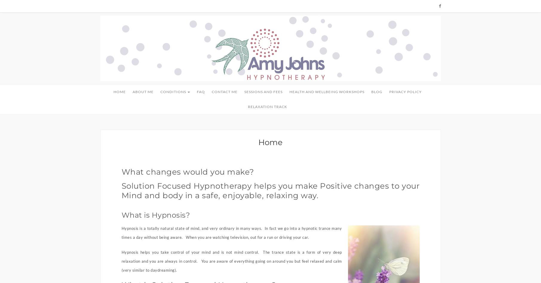 The width and height of the screenshot is (541, 283). What do you see at coordinates (164, 206) in the screenshot?
I see `'Phobias'` at bounding box center [164, 206].